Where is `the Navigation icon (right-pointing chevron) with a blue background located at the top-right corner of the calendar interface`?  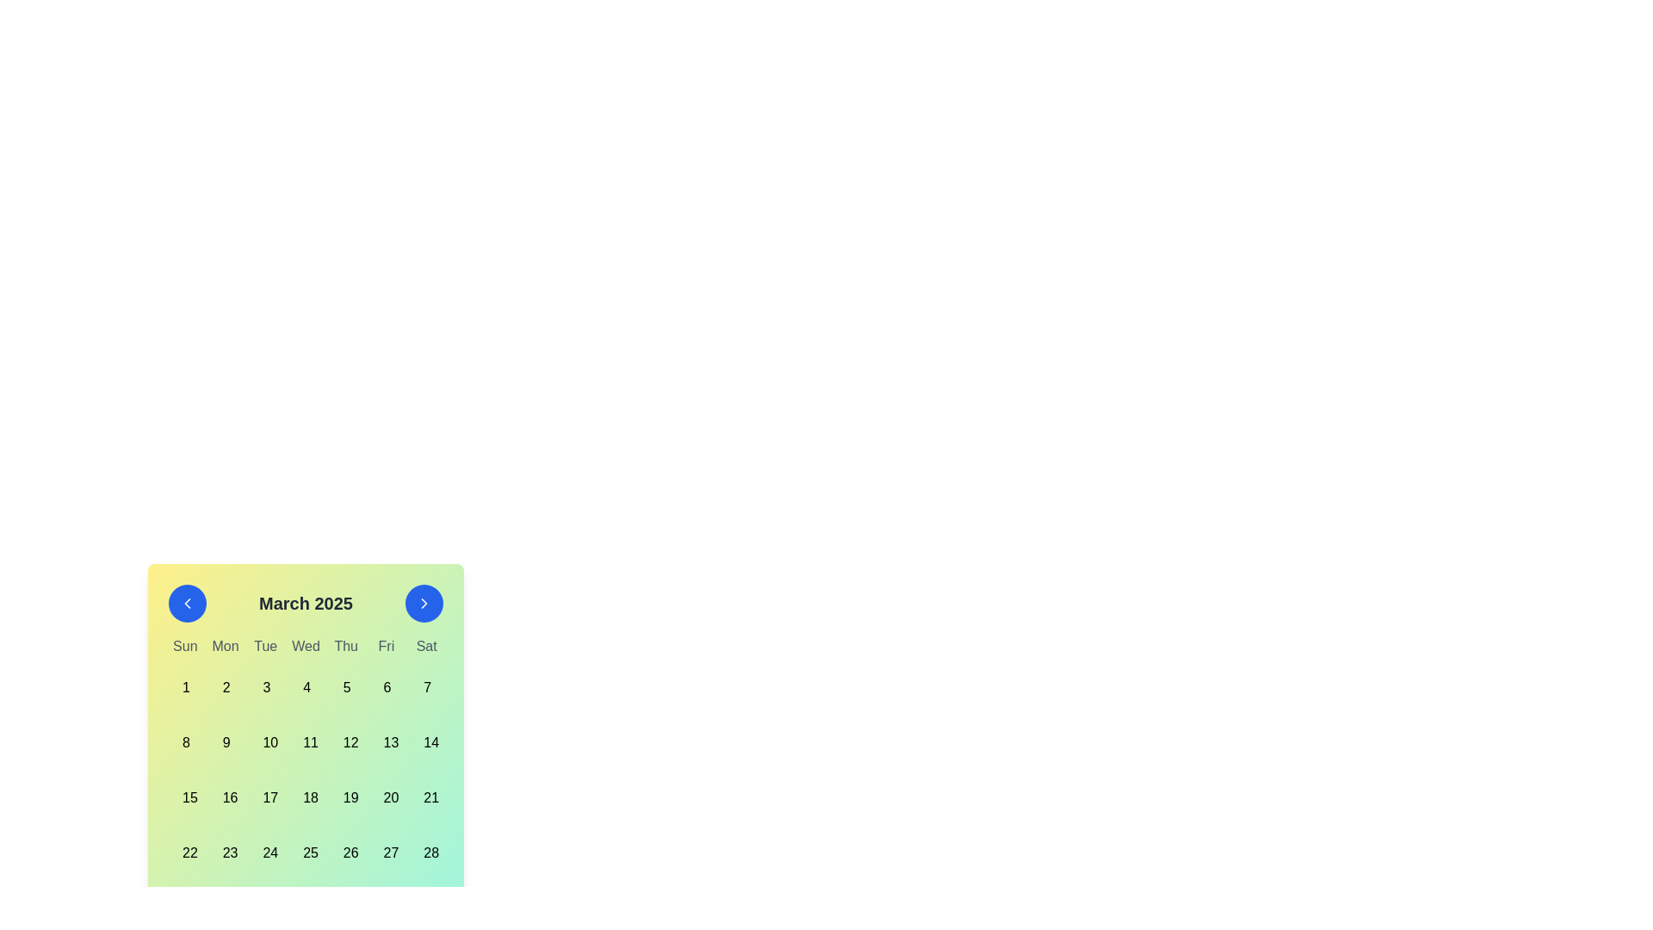 the Navigation icon (right-pointing chevron) with a blue background located at the top-right corner of the calendar interface is located at coordinates (424, 603).